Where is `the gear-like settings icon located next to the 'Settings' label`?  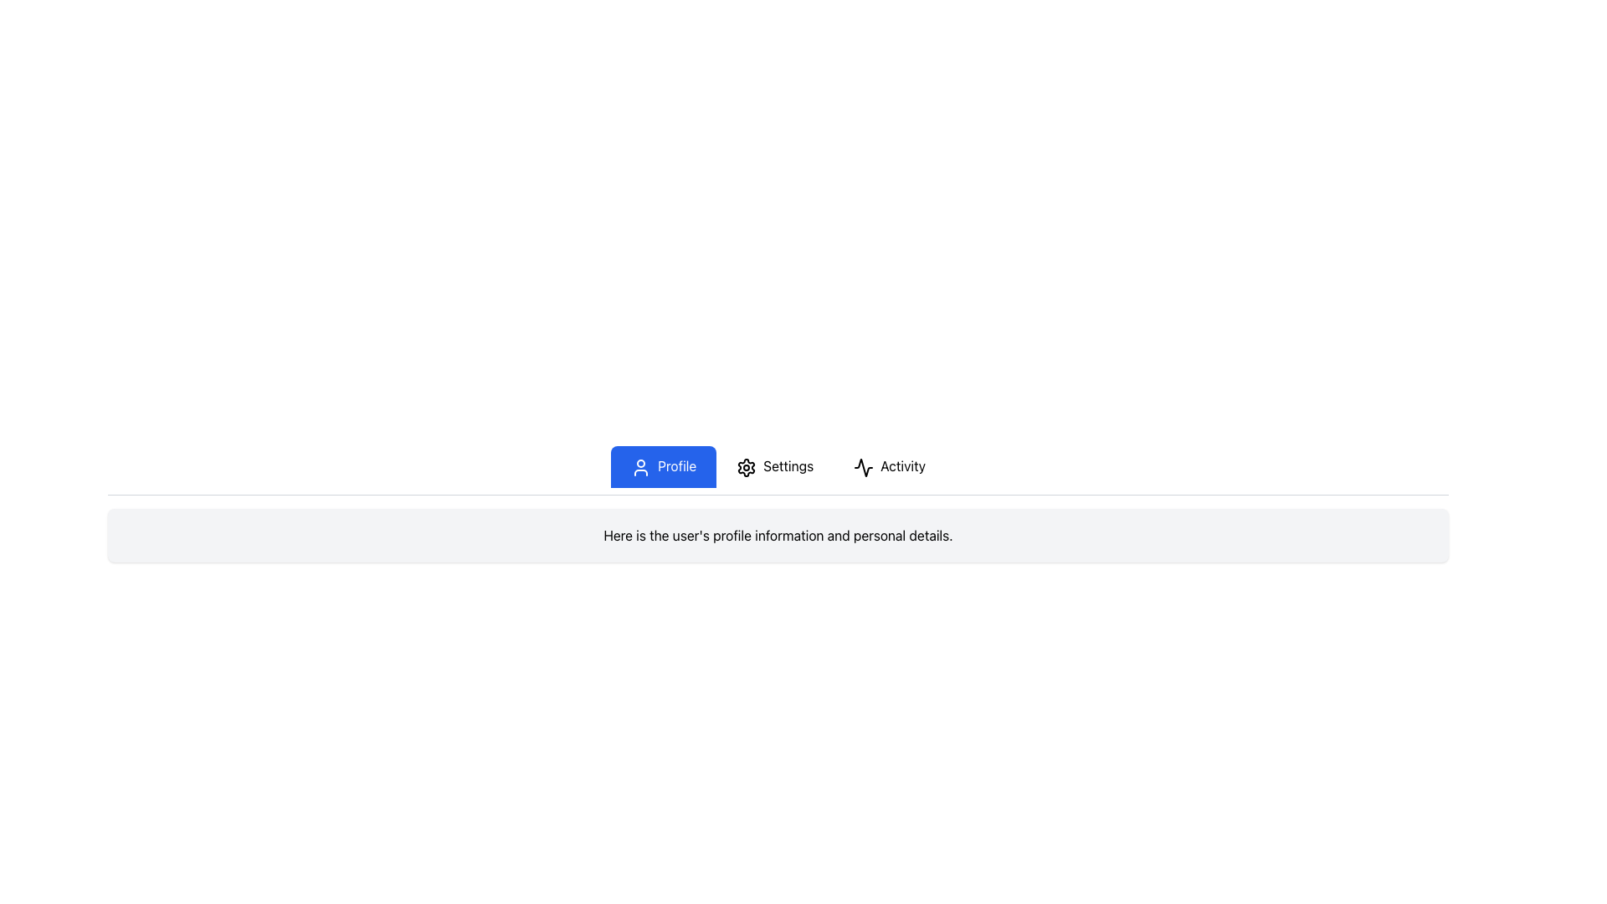 the gear-like settings icon located next to the 'Settings' label is located at coordinates (746, 467).